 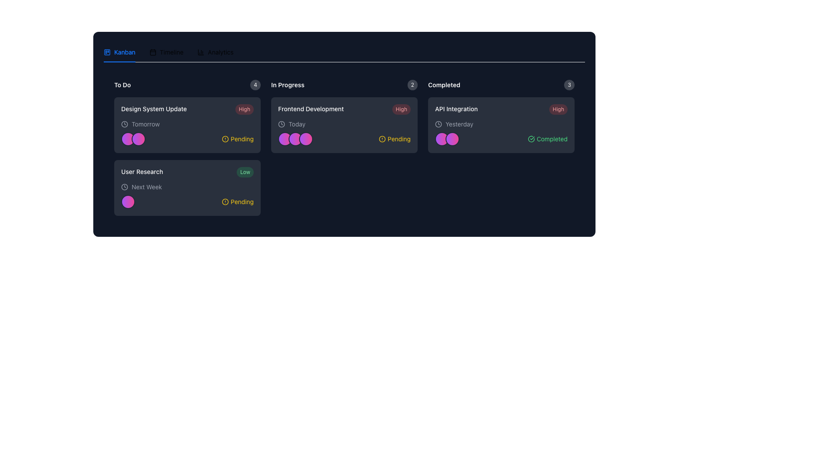 I want to click on the 'Kanban' tab, which is the first tab on the left with blue text and an icon, so click(x=119, y=52).